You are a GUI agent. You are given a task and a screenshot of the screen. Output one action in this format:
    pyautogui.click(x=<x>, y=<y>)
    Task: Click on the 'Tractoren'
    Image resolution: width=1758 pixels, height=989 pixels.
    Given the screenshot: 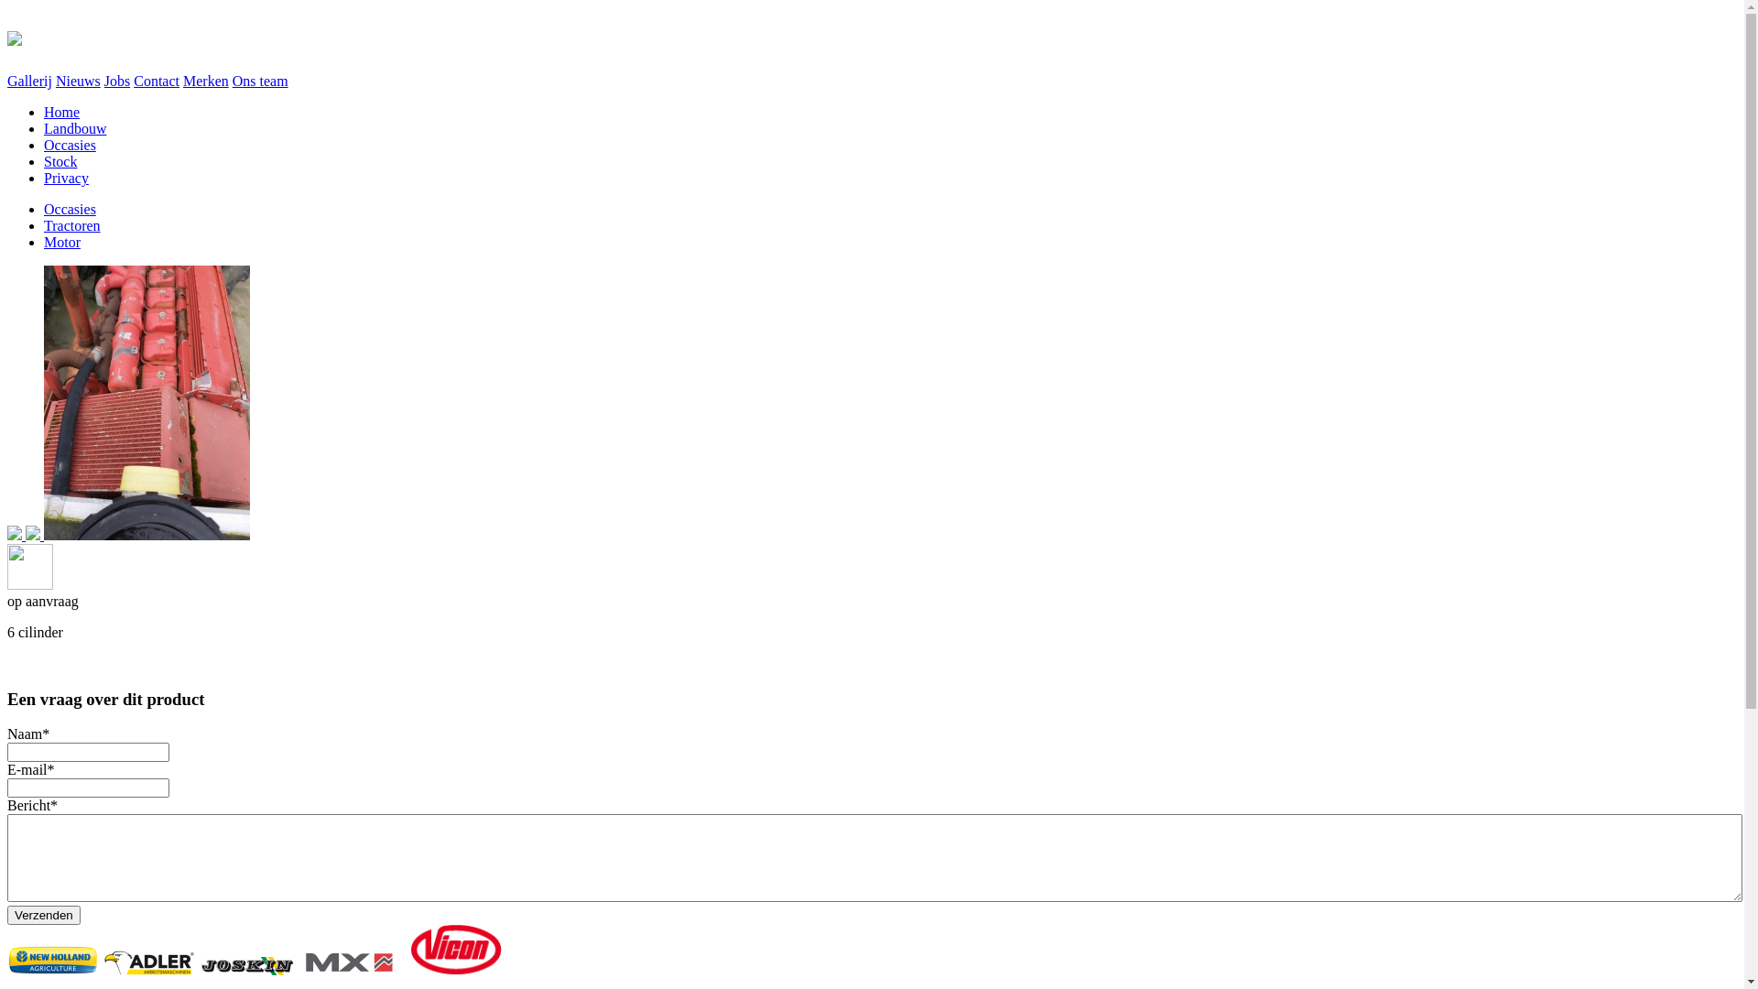 What is the action you would take?
    pyautogui.click(x=71, y=224)
    